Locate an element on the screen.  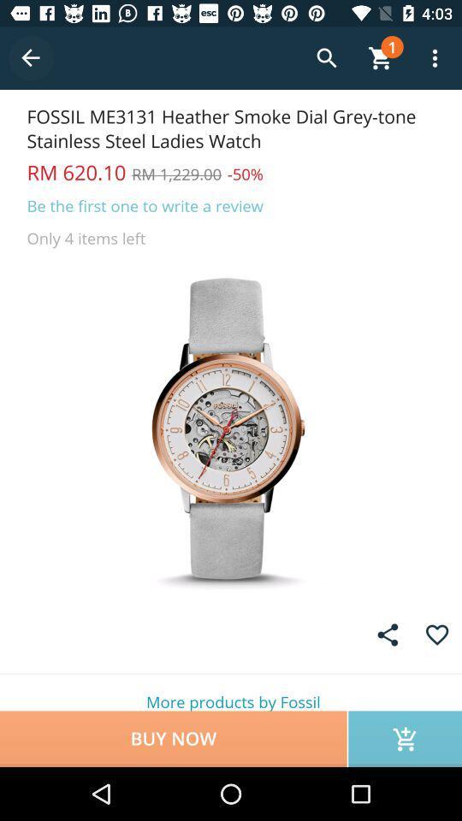
add favorite is located at coordinates (437, 634).